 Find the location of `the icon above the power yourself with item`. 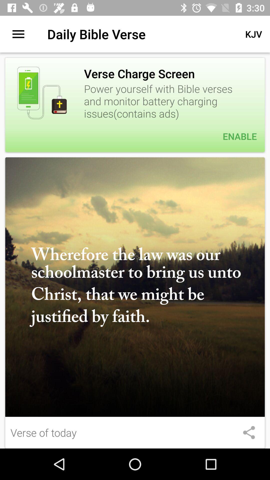

the icon above the power yourself with item is located at coordinates (253, 34).